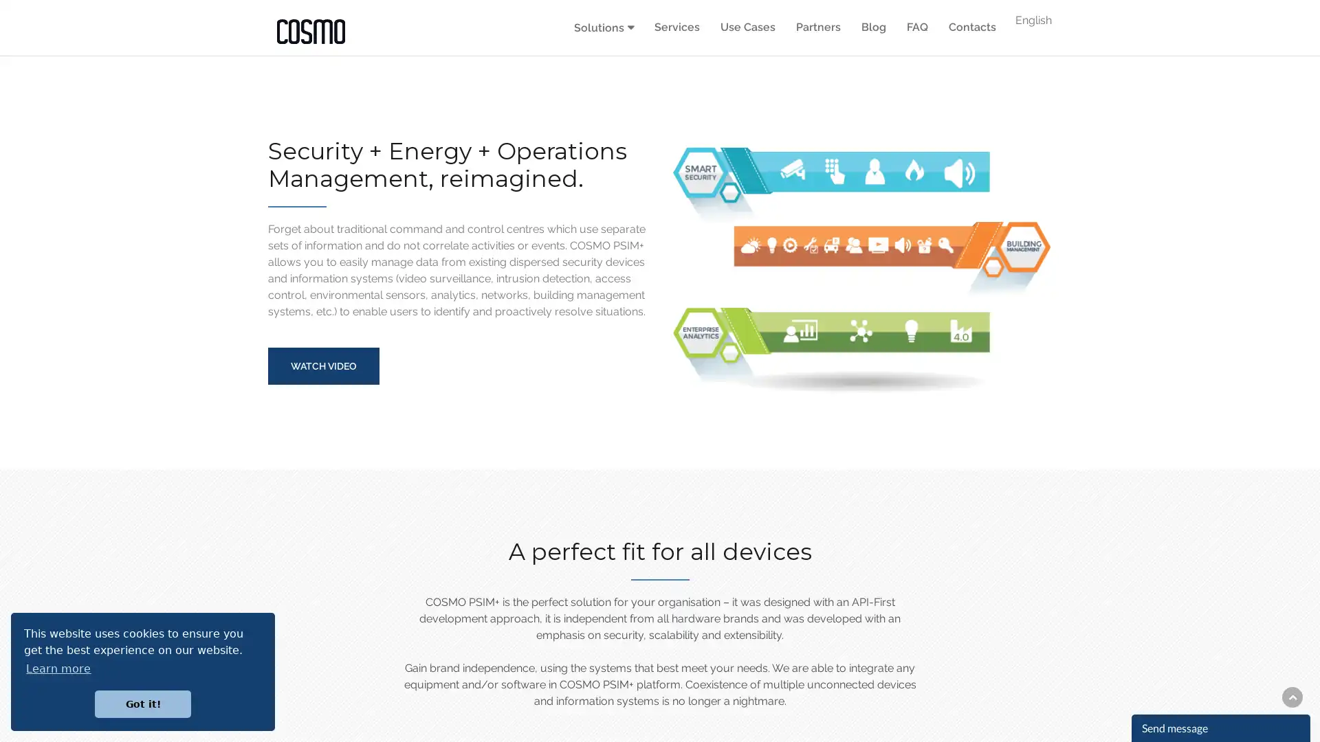 The width and height of the screenshot is (1320, 742). I want to click on learn more about cookies, so click(58, 668).